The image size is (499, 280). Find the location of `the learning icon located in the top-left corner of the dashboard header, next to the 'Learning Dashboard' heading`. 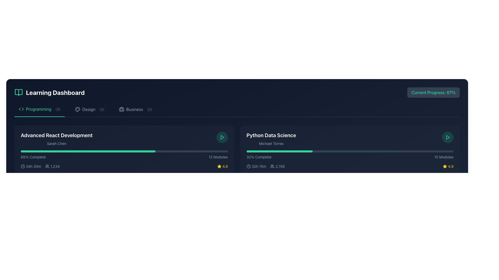

the learning icon located in the top-left corner of the dashboard header, next to the 'Learning Dashboard' heading is located at coordinates (19, 92).